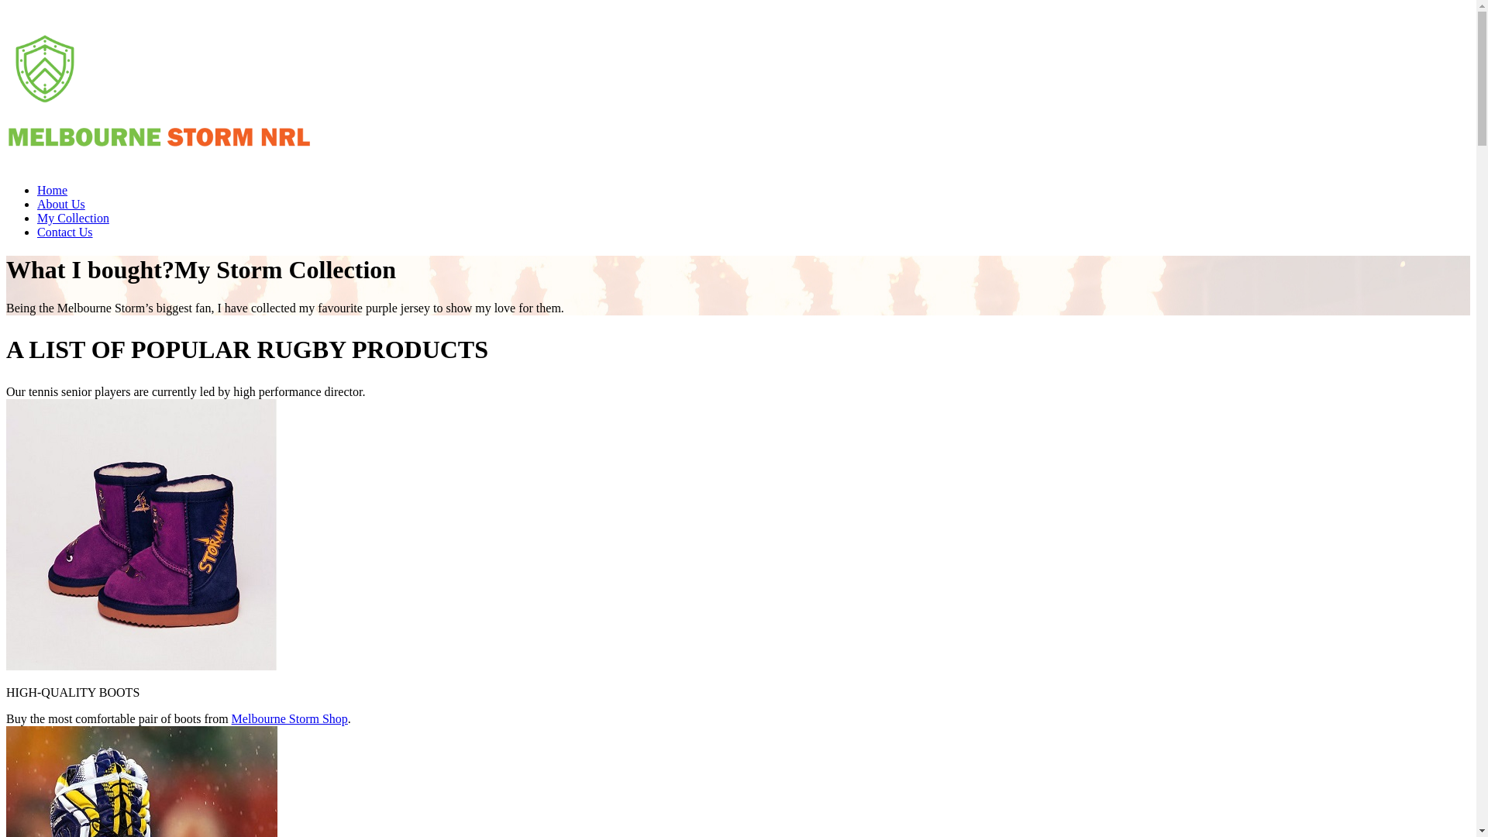  What do you see at coordinates (52, 189) in the screenshot?
I see `'Home'` at bounding box center [52, 189].